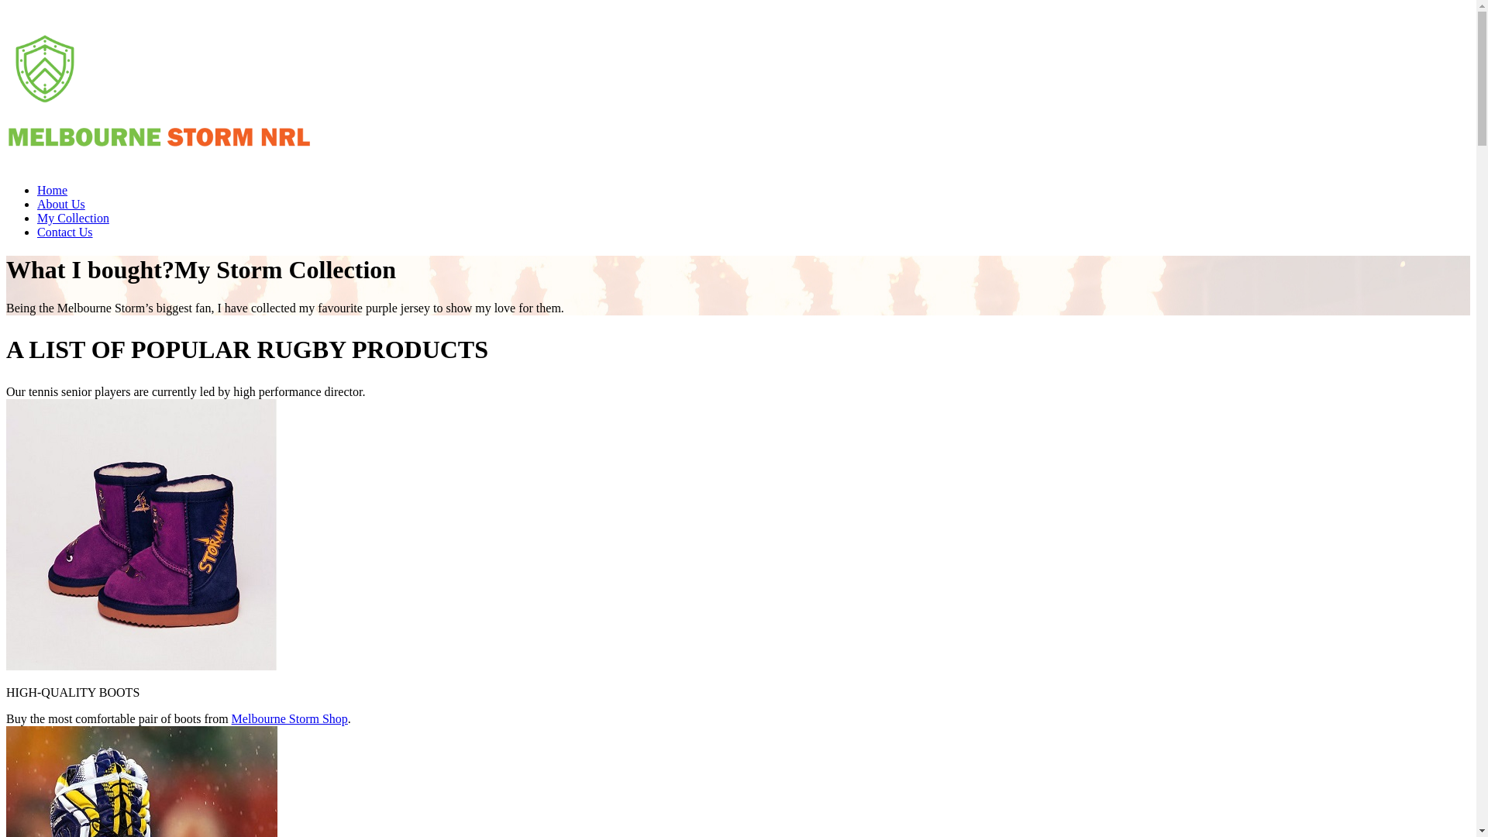  What do you see at coordinates (52, 189) in the screenshot?
I see `'Home'` at bounding box center [52, 189].